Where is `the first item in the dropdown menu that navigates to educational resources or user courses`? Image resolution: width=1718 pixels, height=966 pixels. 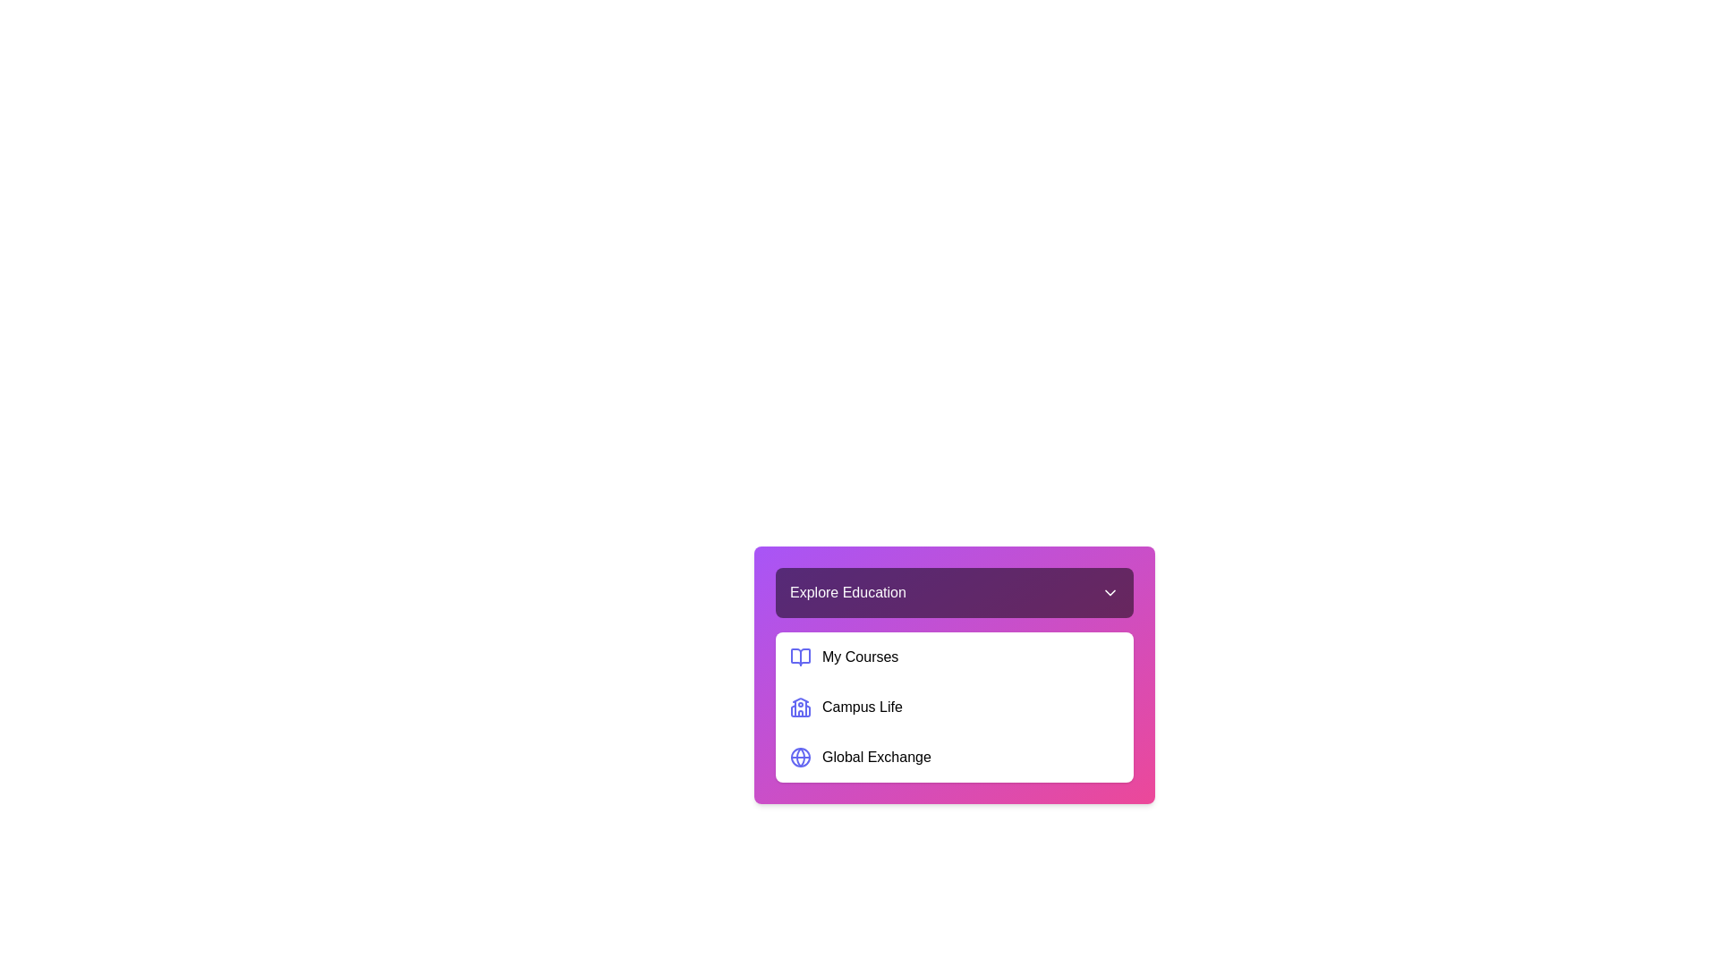
the first item in the dropdown menu that navigates to educational resources or user courses is located at coordinates (953, 657).